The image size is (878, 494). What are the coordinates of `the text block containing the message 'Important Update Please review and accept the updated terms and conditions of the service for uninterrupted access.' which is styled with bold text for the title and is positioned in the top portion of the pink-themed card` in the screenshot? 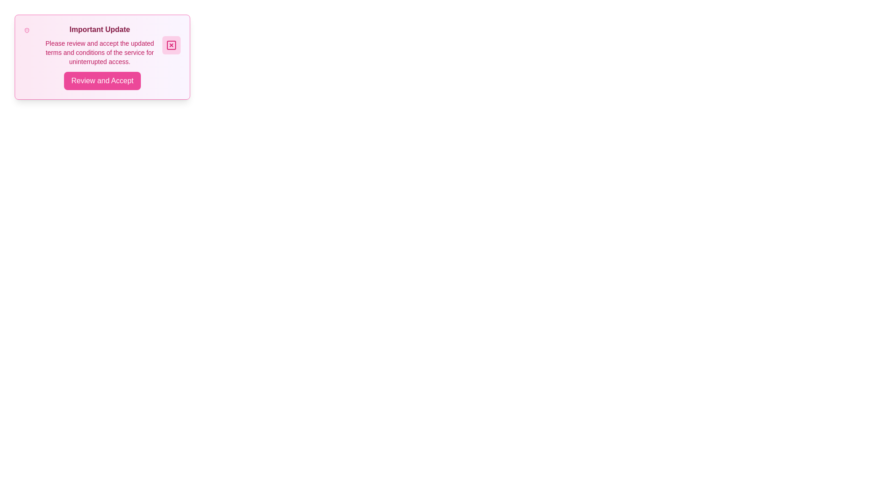 It's located at (102, 45).